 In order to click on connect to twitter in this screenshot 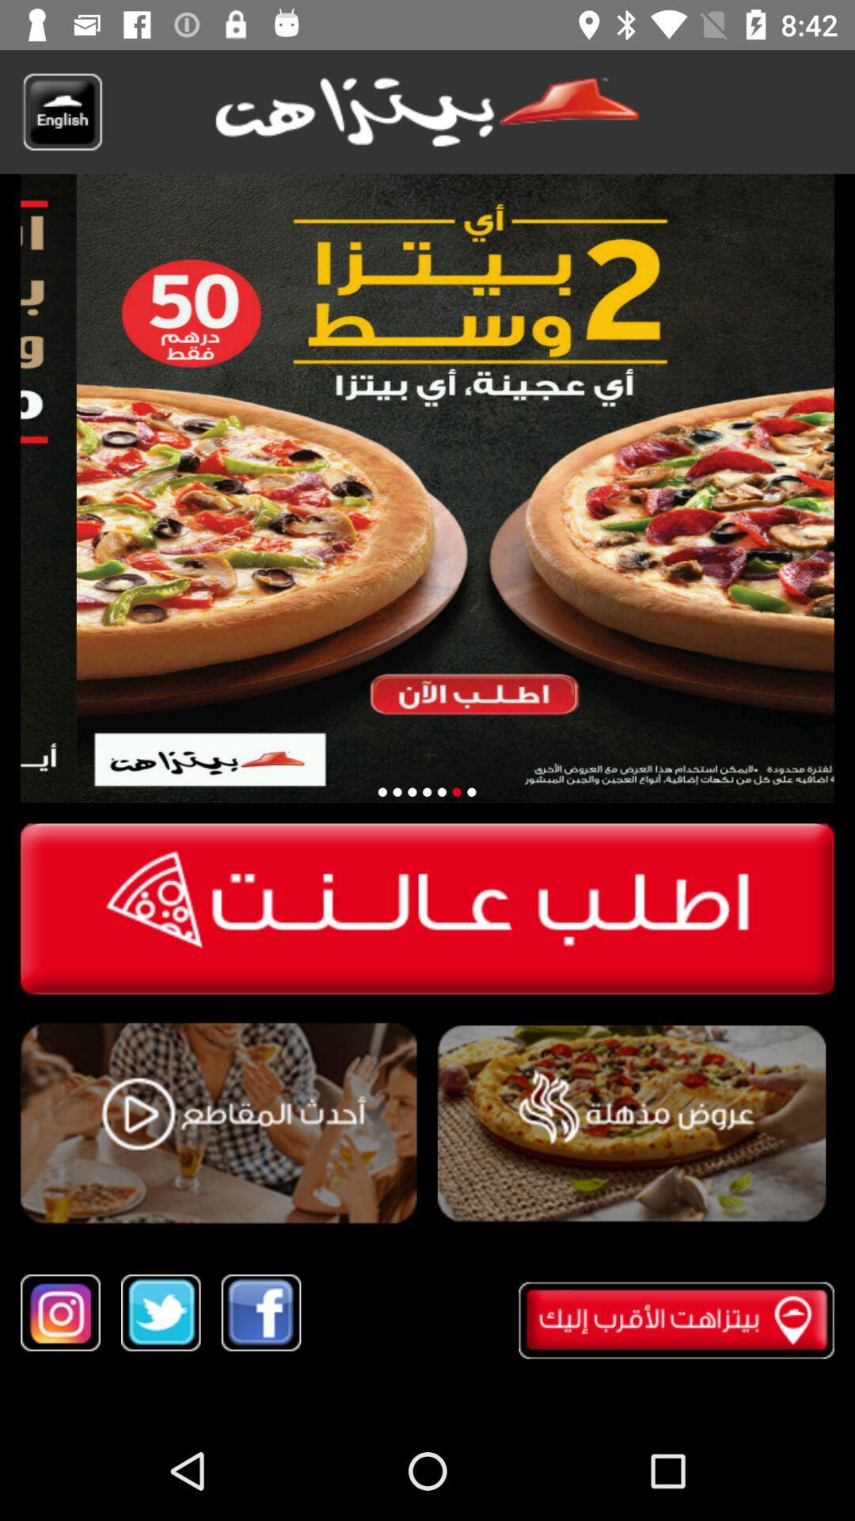, I will do `click(161, 1313)`.